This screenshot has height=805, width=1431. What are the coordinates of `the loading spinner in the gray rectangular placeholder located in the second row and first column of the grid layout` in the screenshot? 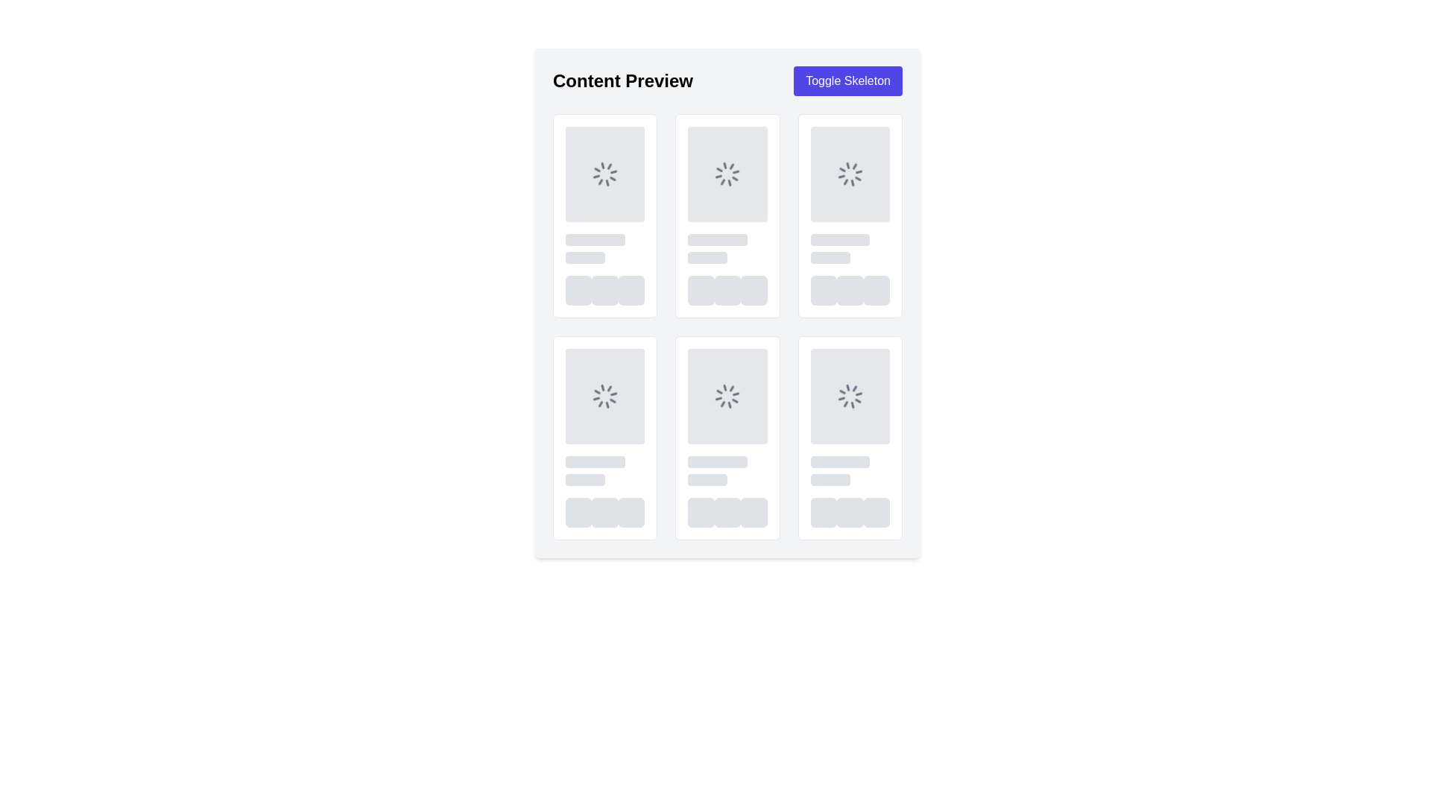 It's located at (605, 396).